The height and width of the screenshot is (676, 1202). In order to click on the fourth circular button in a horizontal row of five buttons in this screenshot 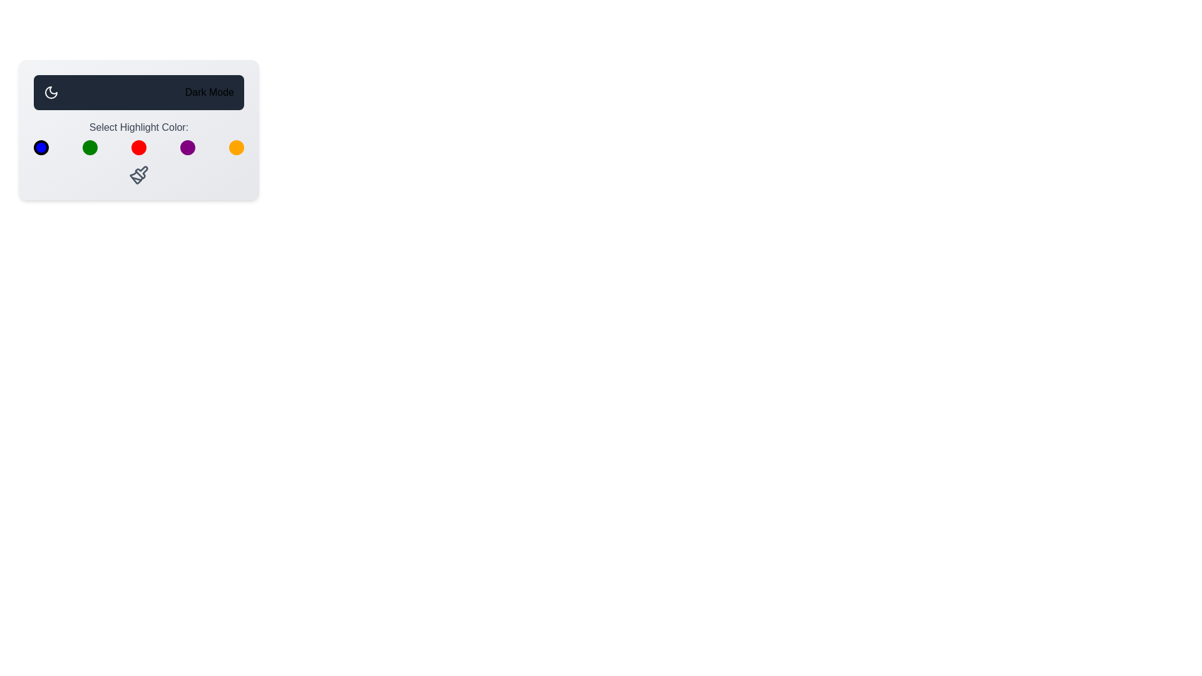, I will do `click(187, 146)`.